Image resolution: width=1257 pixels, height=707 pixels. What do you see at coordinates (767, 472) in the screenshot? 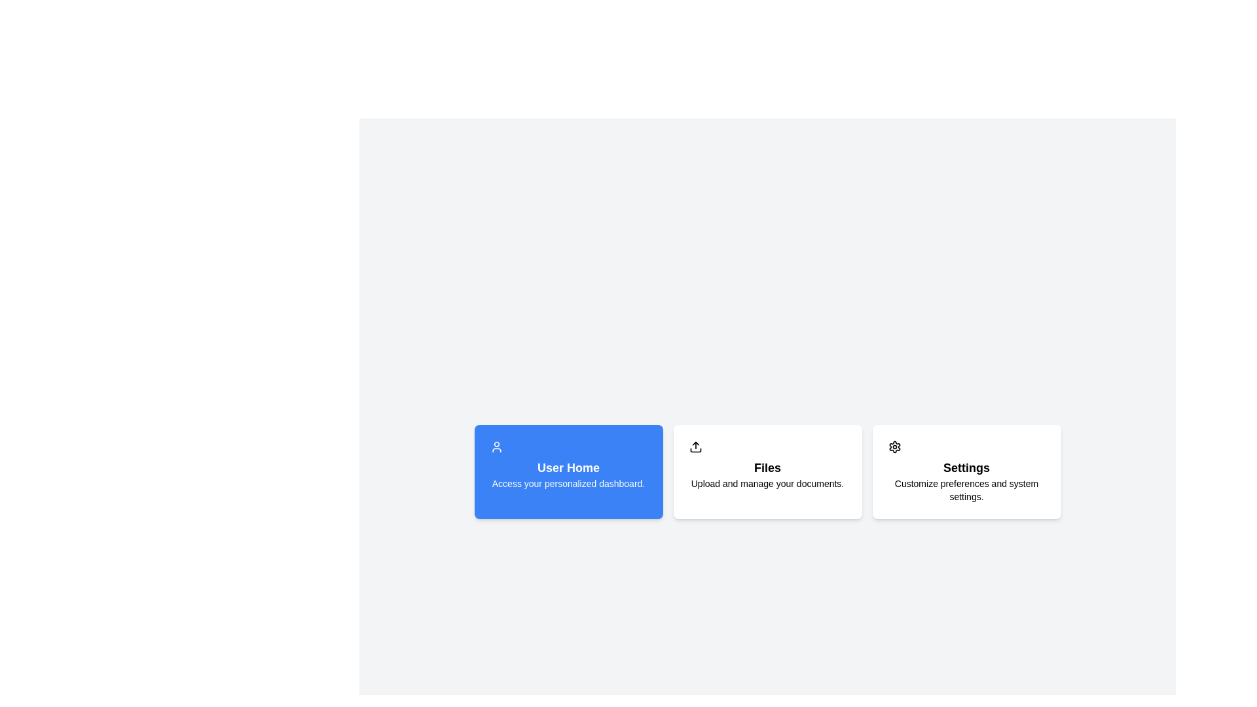
I see `the Card UI component that allows uploading and managing documents` at bounding box center [767, 472].